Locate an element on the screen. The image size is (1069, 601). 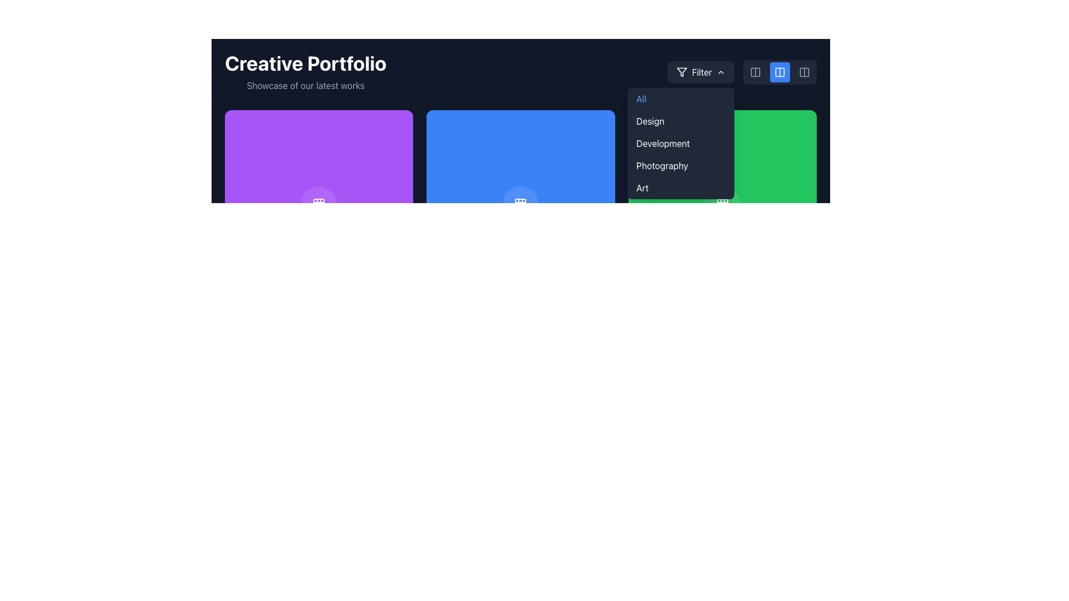
the filter icon, which is a polygonal shape resembling a funnel located in the top navigation bar on the right side of the application is located at coordinates (681, 72).